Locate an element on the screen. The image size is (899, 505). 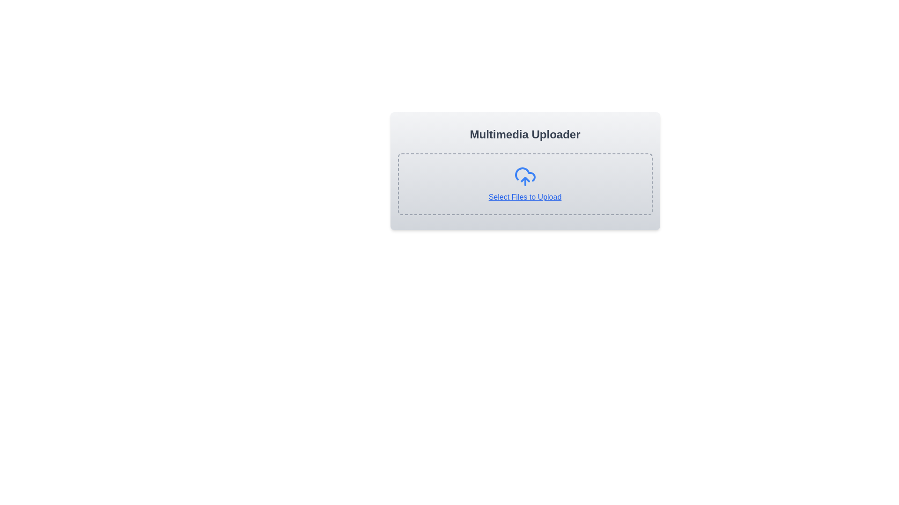
the downward arrow icon inside the cloud icon, which signifies the upload action in the Multimedia Uploader interface is located at coordinates (525, 180).